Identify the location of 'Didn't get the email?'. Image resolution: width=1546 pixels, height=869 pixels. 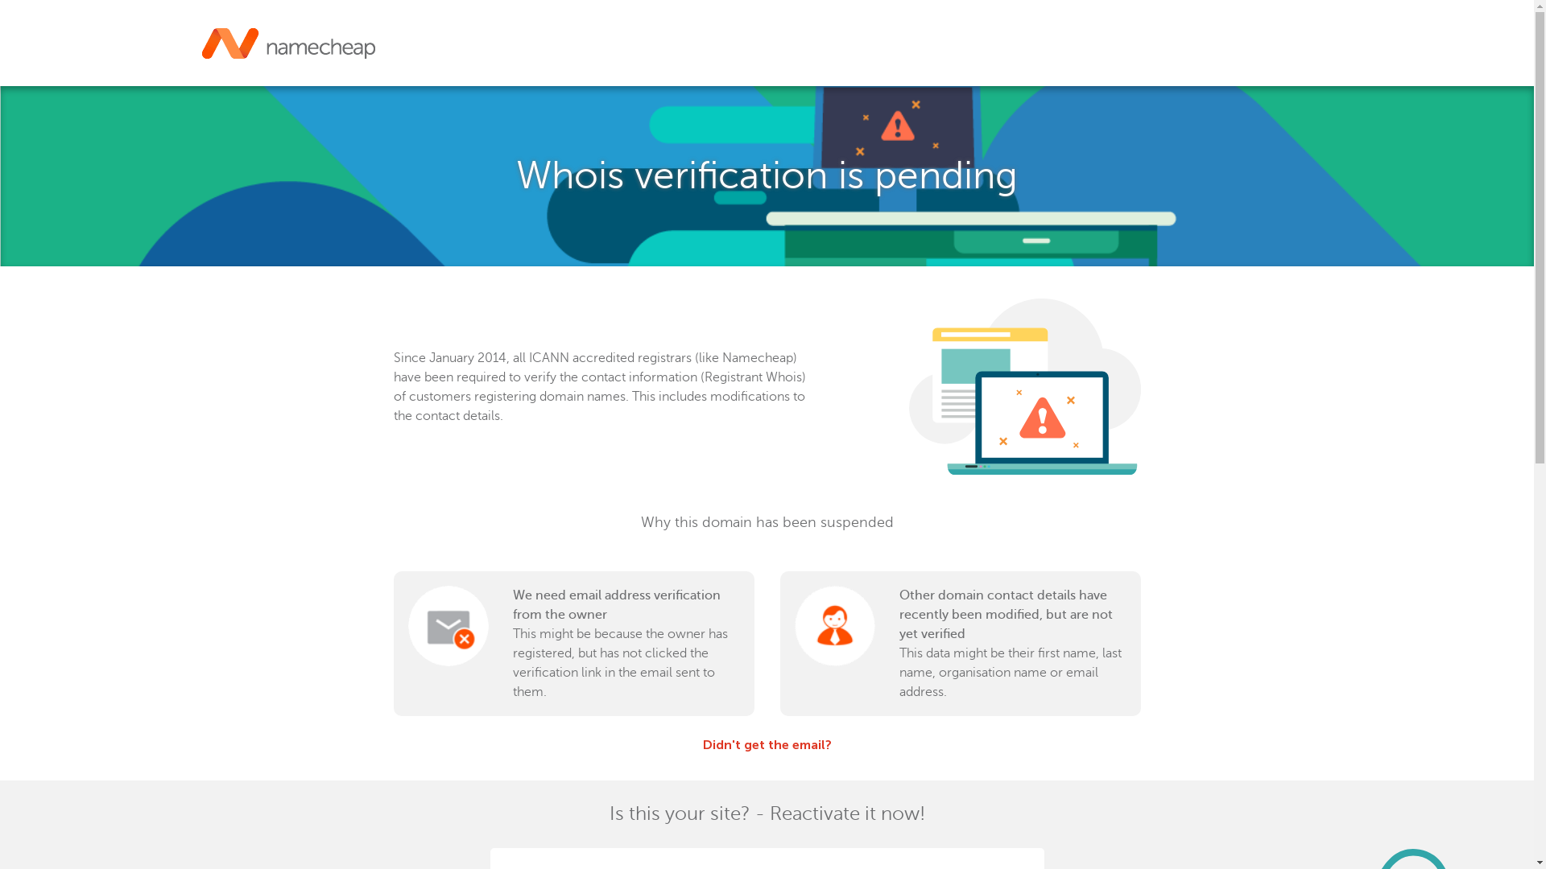
(702, 744).